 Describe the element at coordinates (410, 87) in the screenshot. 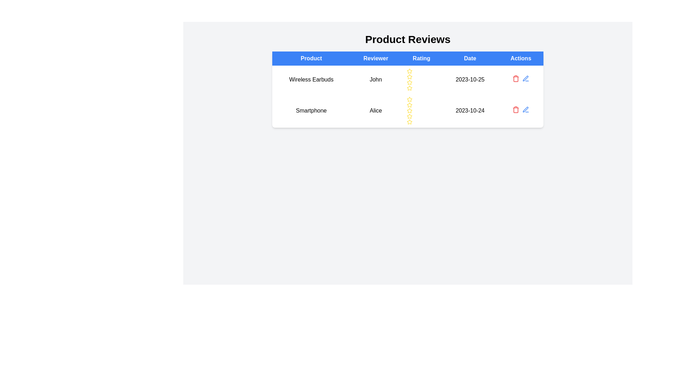

I see `the second star-shaped rating icon with a yellow outline in the 'Rating' column of the first row of the 'Product Reviews' table` at that location.